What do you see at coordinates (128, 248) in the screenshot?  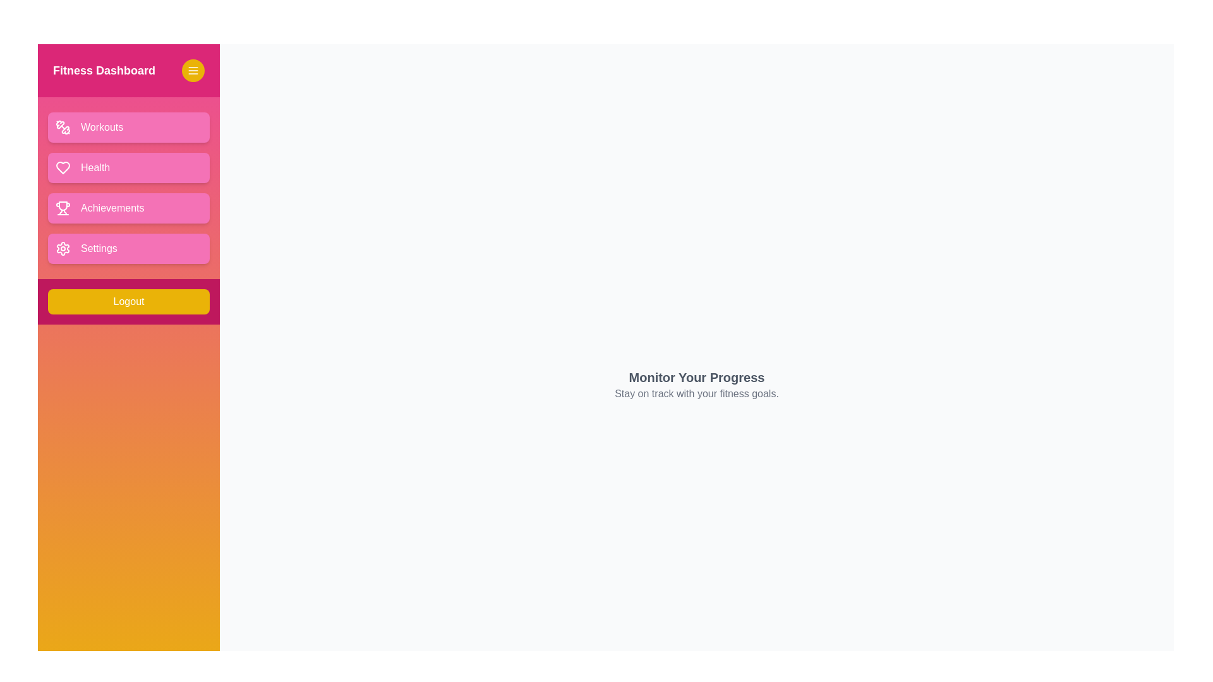 I see `the 'Settings' button` at bounding box center [128, 248].